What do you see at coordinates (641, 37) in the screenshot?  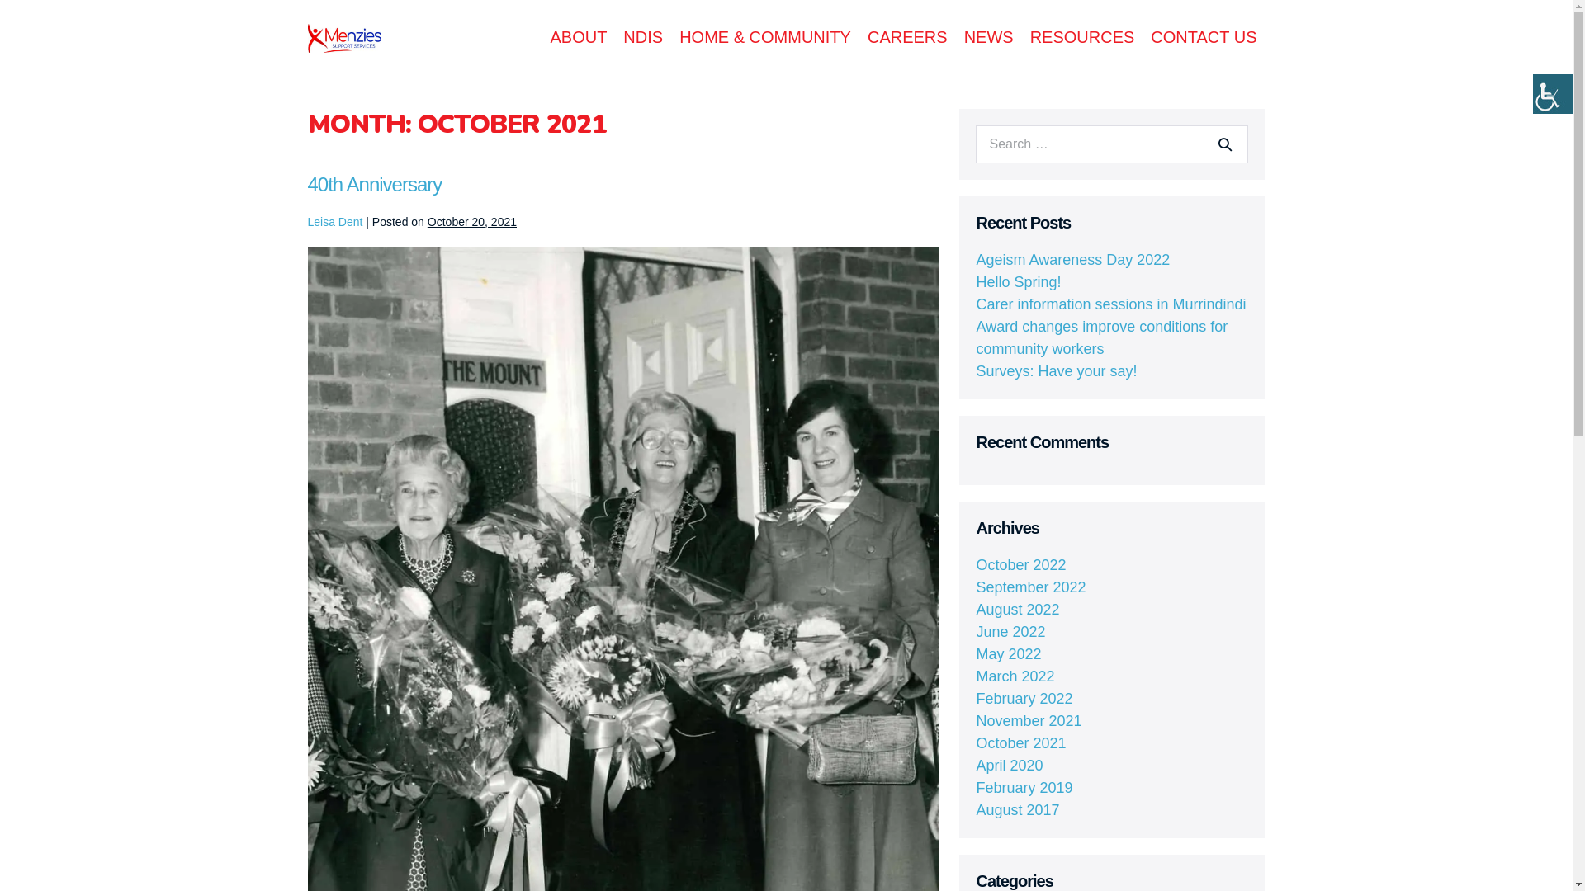 I see `'NDIS'` at bounding box center [641, 37].